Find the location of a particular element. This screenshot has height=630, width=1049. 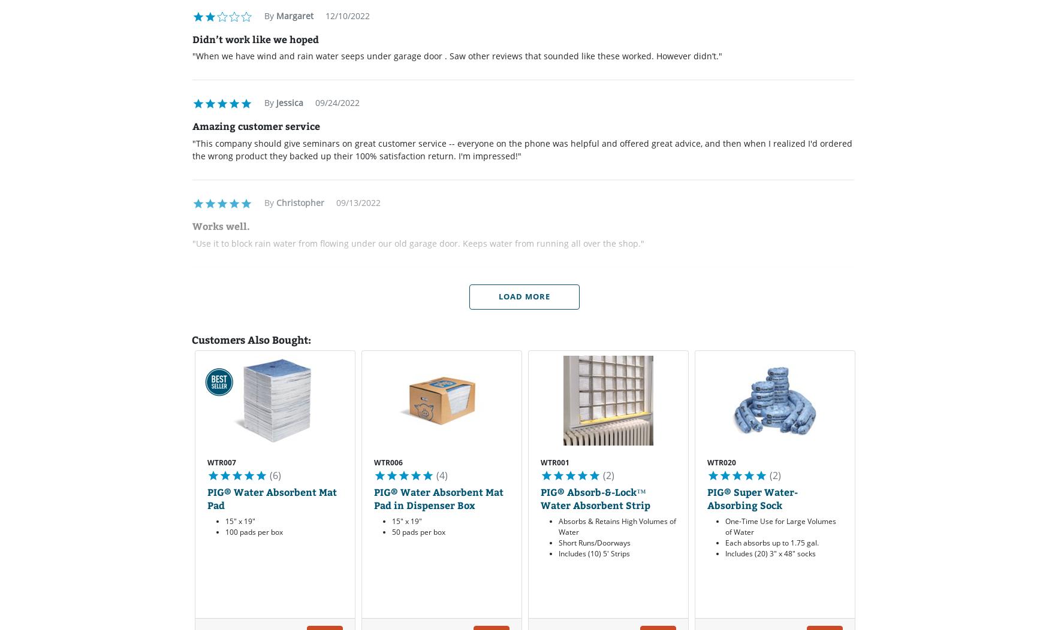

'WTR004' is located at coordinates (888, 462).